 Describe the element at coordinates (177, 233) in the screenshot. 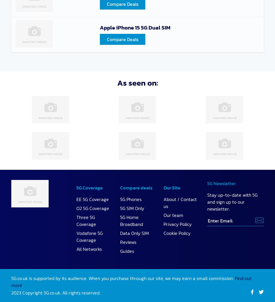

I see `'Cookie Policy'` at that location.